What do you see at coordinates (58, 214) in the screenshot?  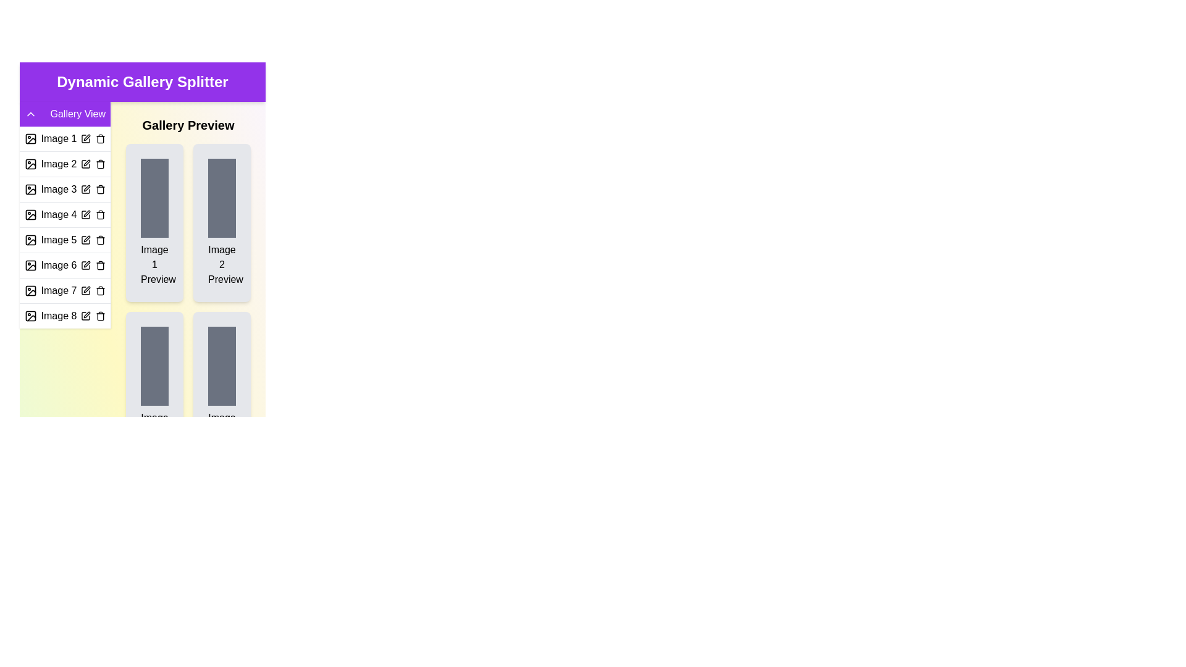 I see `the text label representing the designated image in the fourth position of the vertically stacked list in the 'Gallery View'` at bounding box center [58, 214].